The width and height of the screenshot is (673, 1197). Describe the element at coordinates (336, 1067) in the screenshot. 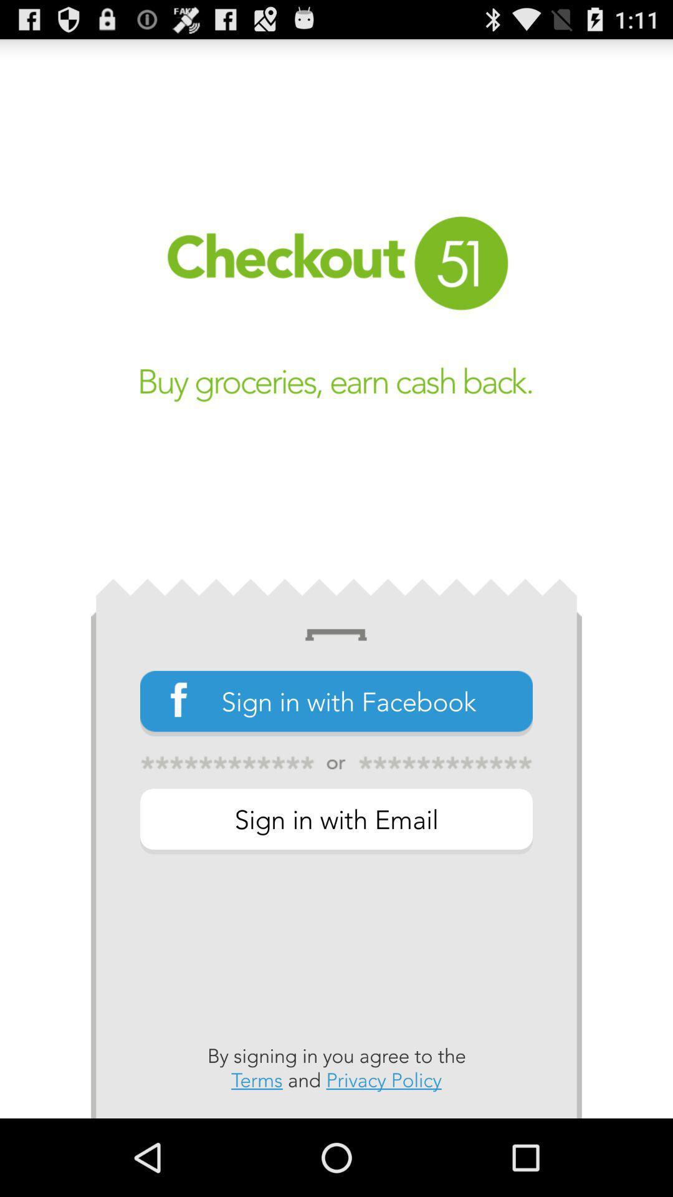

I see `the button below the sign in with` at that location.